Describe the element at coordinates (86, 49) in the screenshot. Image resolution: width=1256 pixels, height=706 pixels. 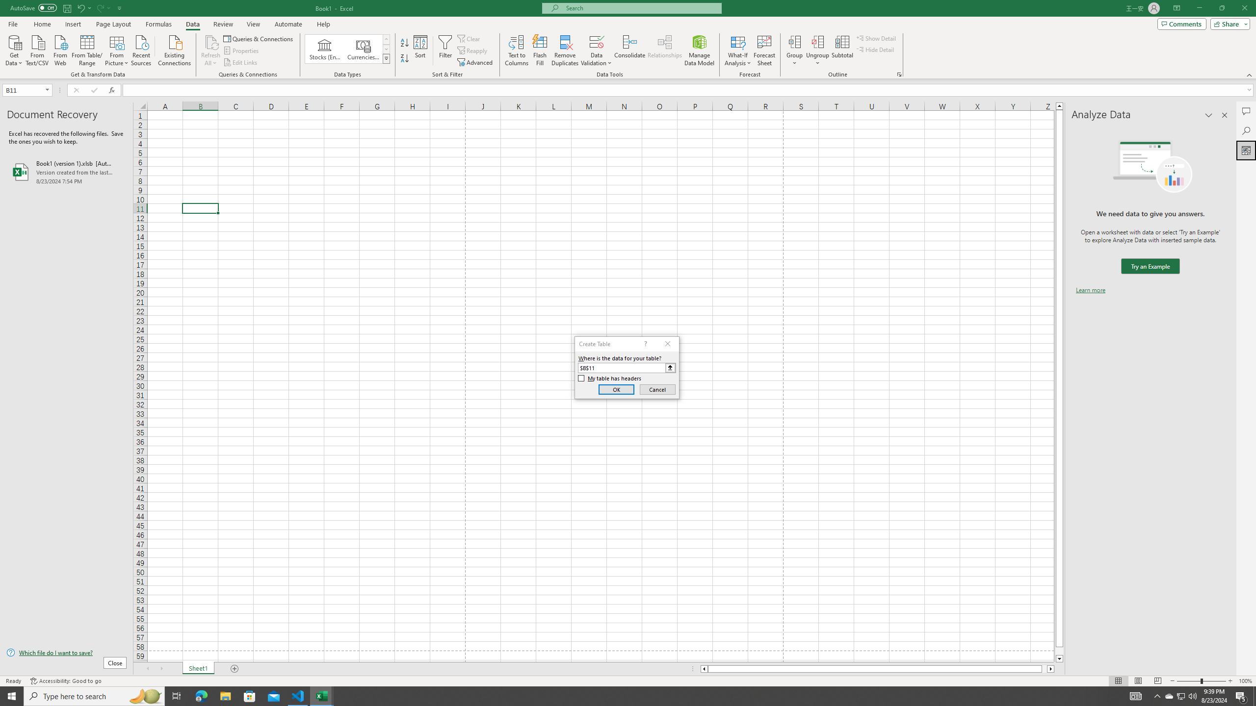
I see `'From Table/Range'` at that location.